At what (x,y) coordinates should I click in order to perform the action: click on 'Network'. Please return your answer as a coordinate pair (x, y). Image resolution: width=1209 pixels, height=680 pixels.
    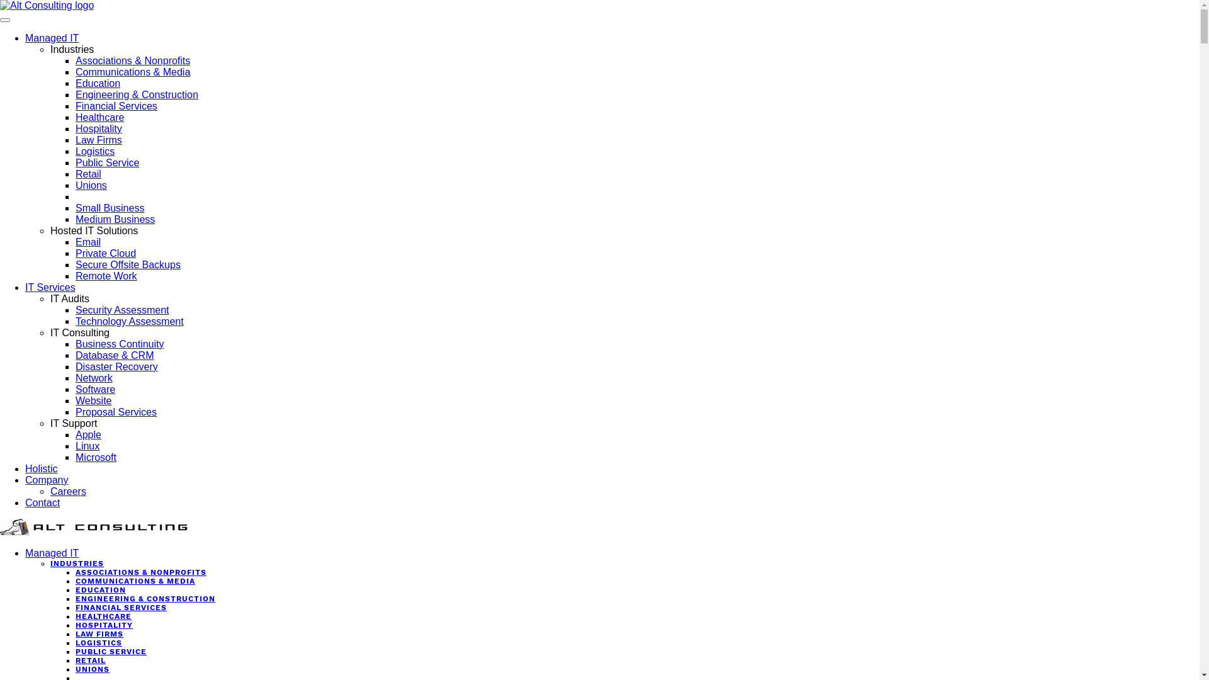
    Looking at the image, I should click on (93, 377).